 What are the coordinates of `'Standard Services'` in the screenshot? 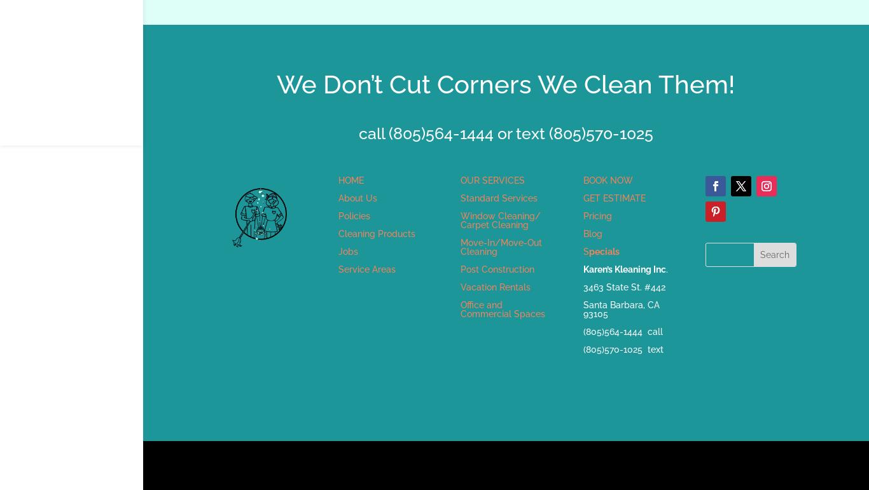 It's located at (499, 198).